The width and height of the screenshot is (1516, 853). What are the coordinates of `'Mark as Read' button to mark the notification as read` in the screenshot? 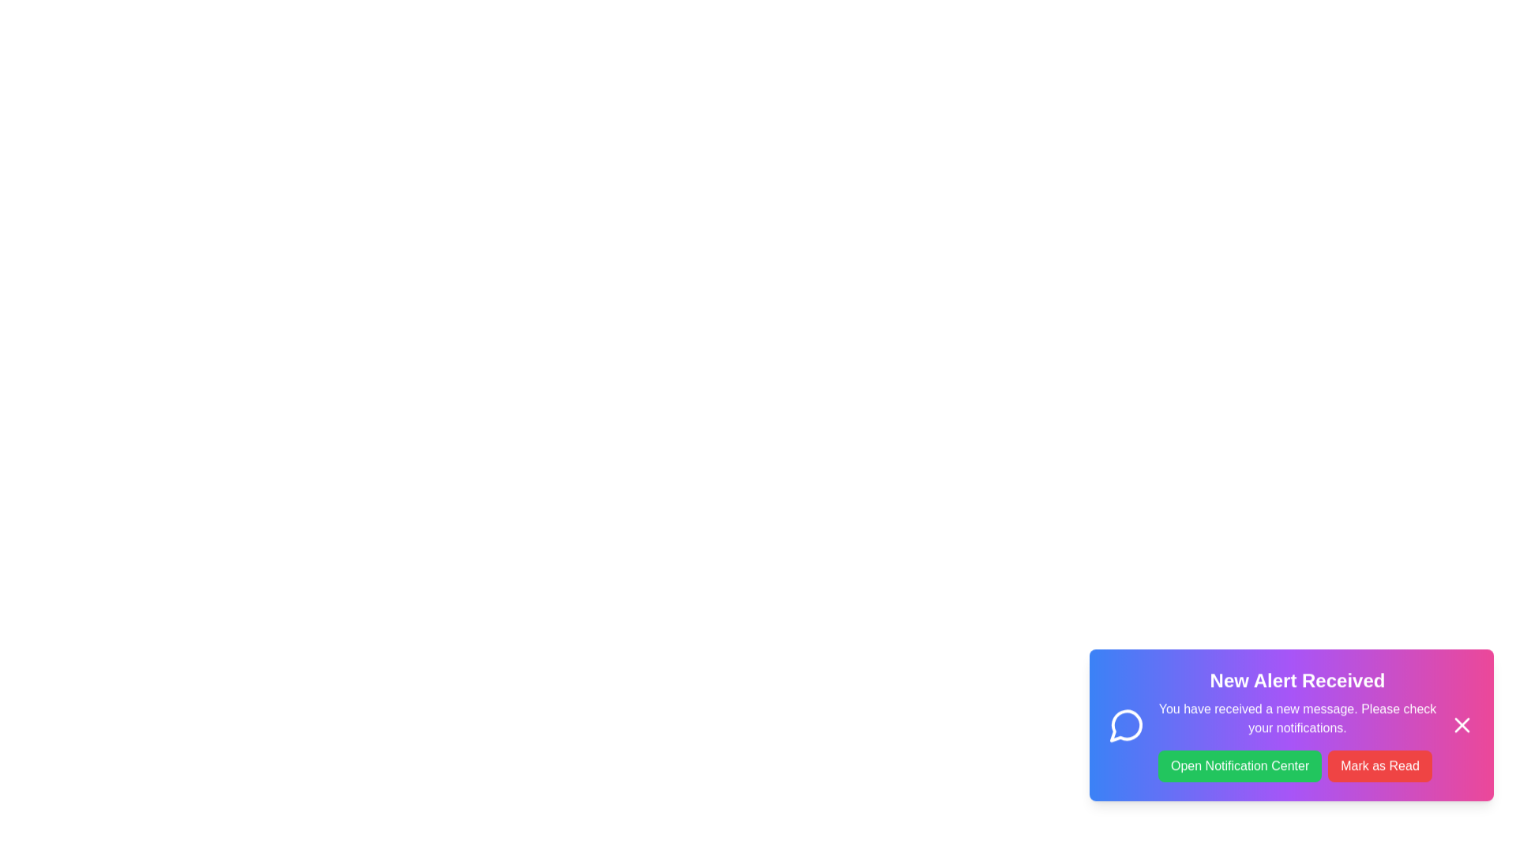 It's located at (1379, 780).